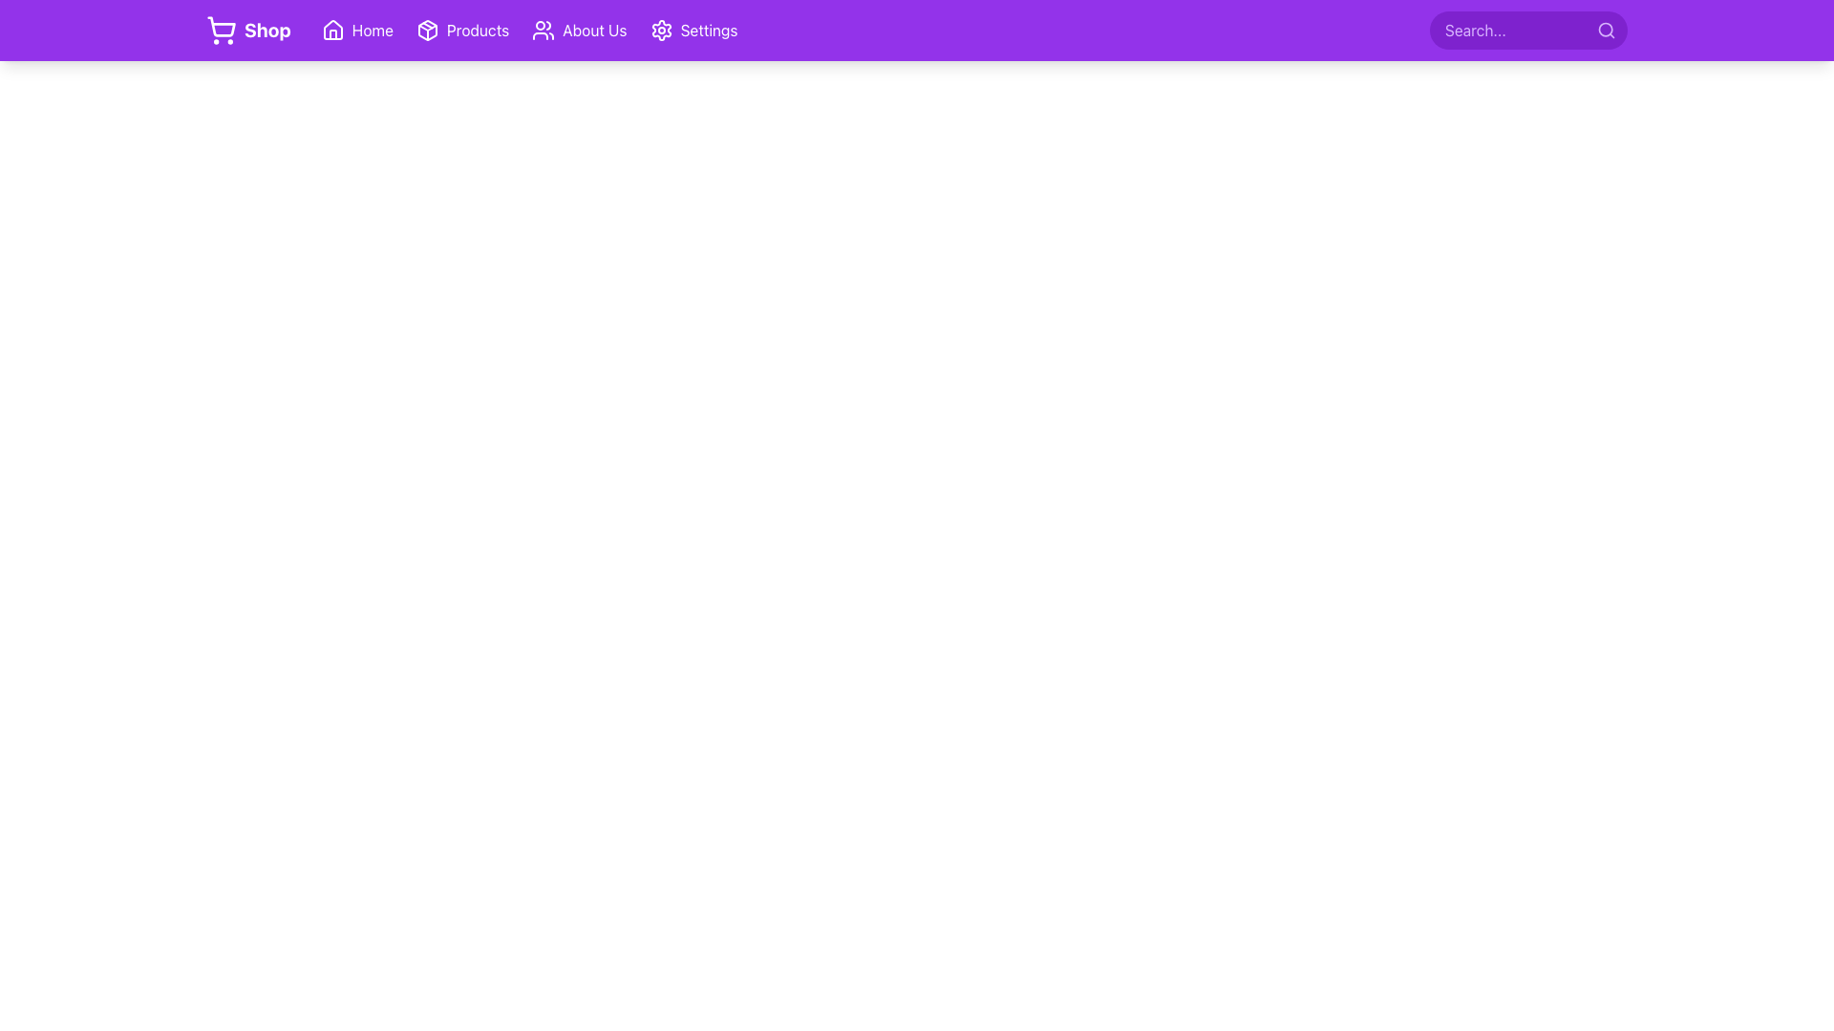 This screenshot has height=1031, width=1834. What do you see at coordinates (426, 30) in the screenshot?
I see `the 'Products' icon located in the top navigation bar, positioned adjacent to the 'Products' text` at bounding box center [426, 30].